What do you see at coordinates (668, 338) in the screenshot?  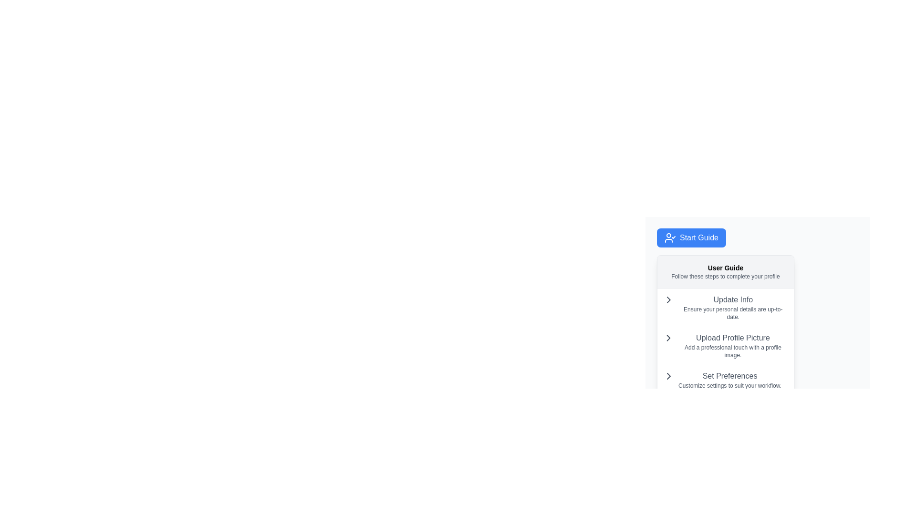 I see `the rightward-pointing chevron icon next to the 'Upload Profile Picture' text field within the User Guide card interface` at bounding box center [668, 338].